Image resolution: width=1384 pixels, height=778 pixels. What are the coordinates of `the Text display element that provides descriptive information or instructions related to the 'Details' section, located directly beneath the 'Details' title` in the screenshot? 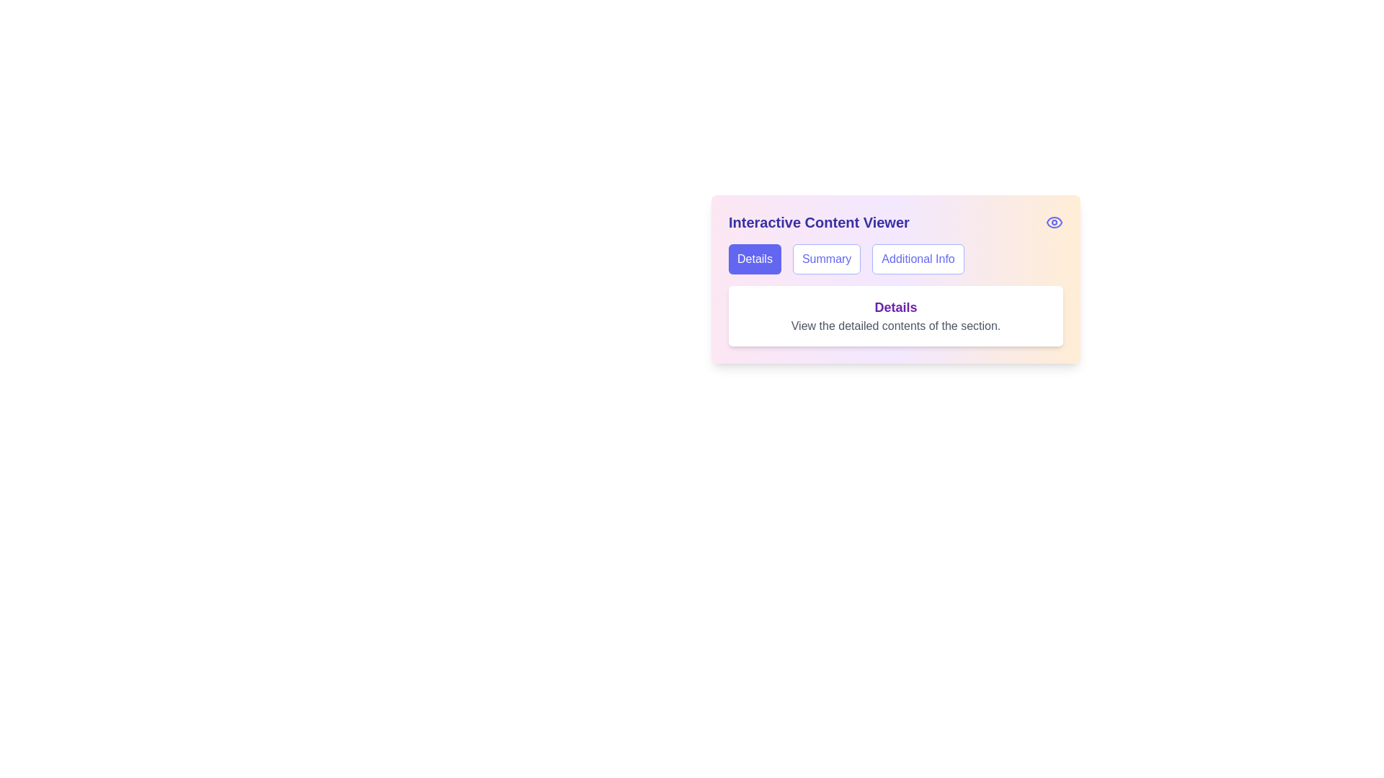 It's located at (895, 326).